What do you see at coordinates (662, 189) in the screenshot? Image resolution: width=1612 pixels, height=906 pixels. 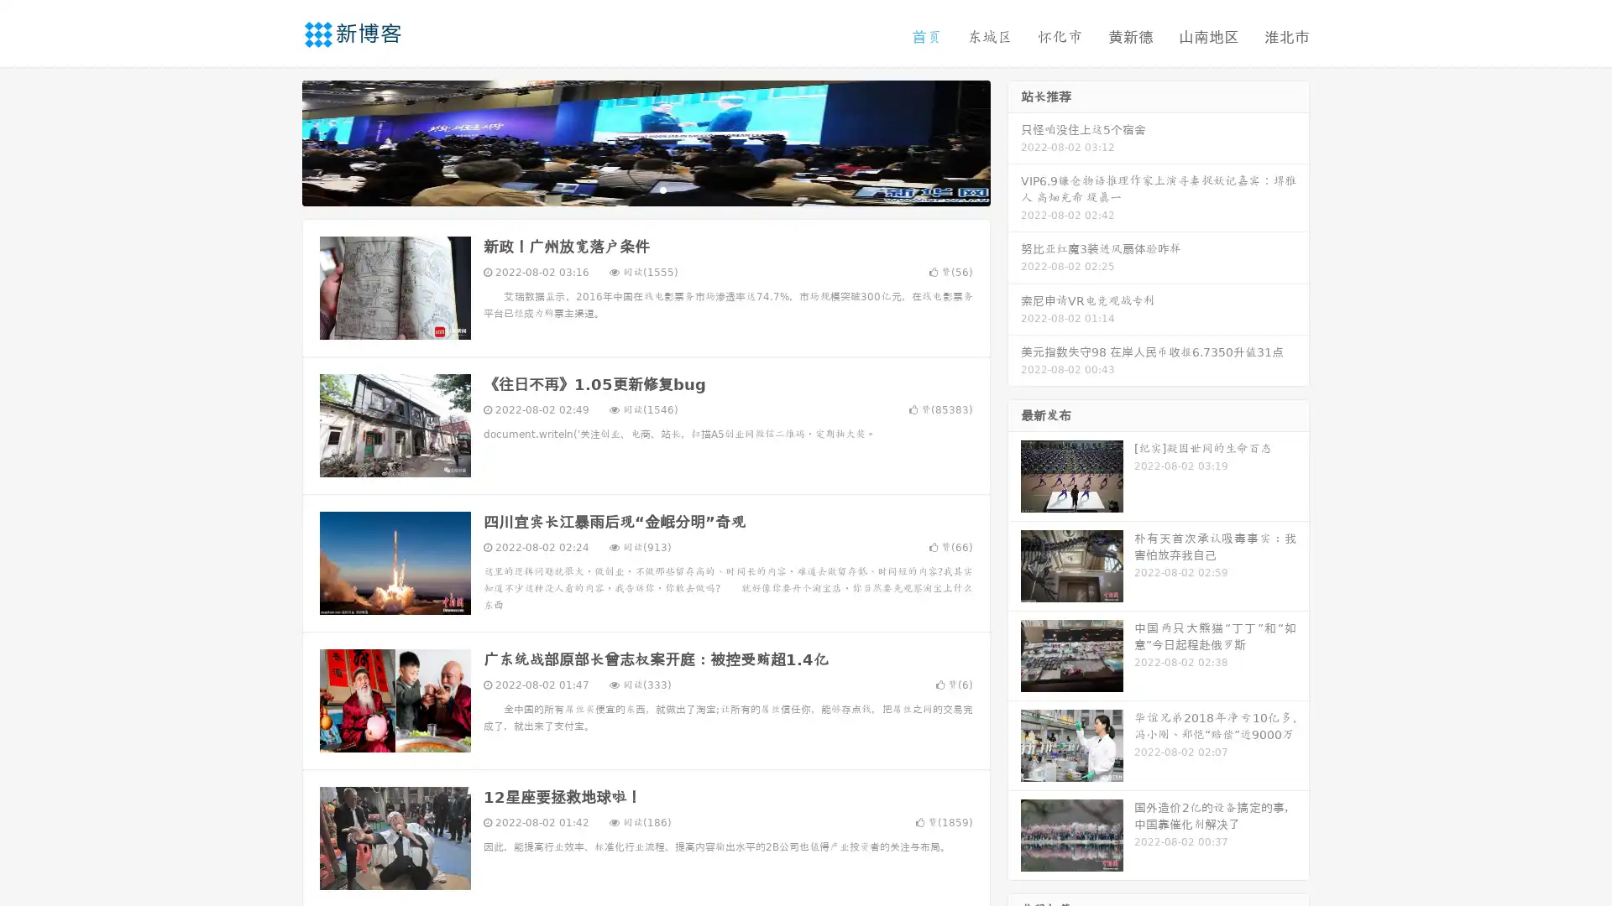 I see `Go to slide 3` at bounding box center [662, 189].